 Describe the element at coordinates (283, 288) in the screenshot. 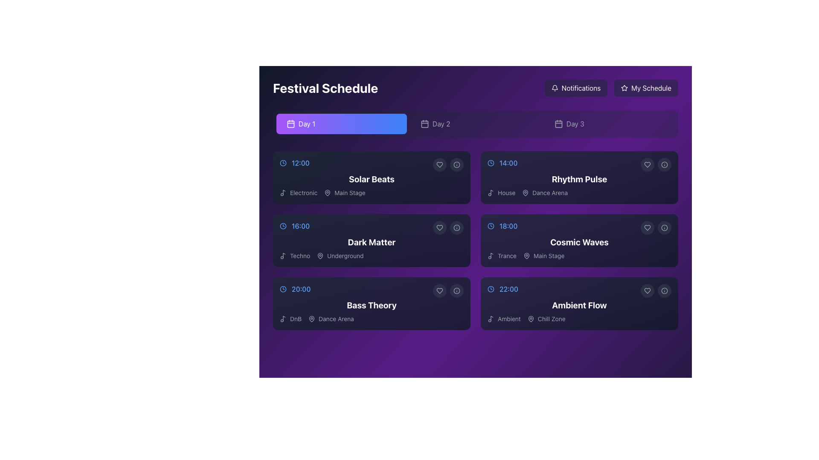

I see `the blue circular outline of the clock icon positioned next to the '20:00' time label under the 'Bass Theory' performance in the schedule` at that location.